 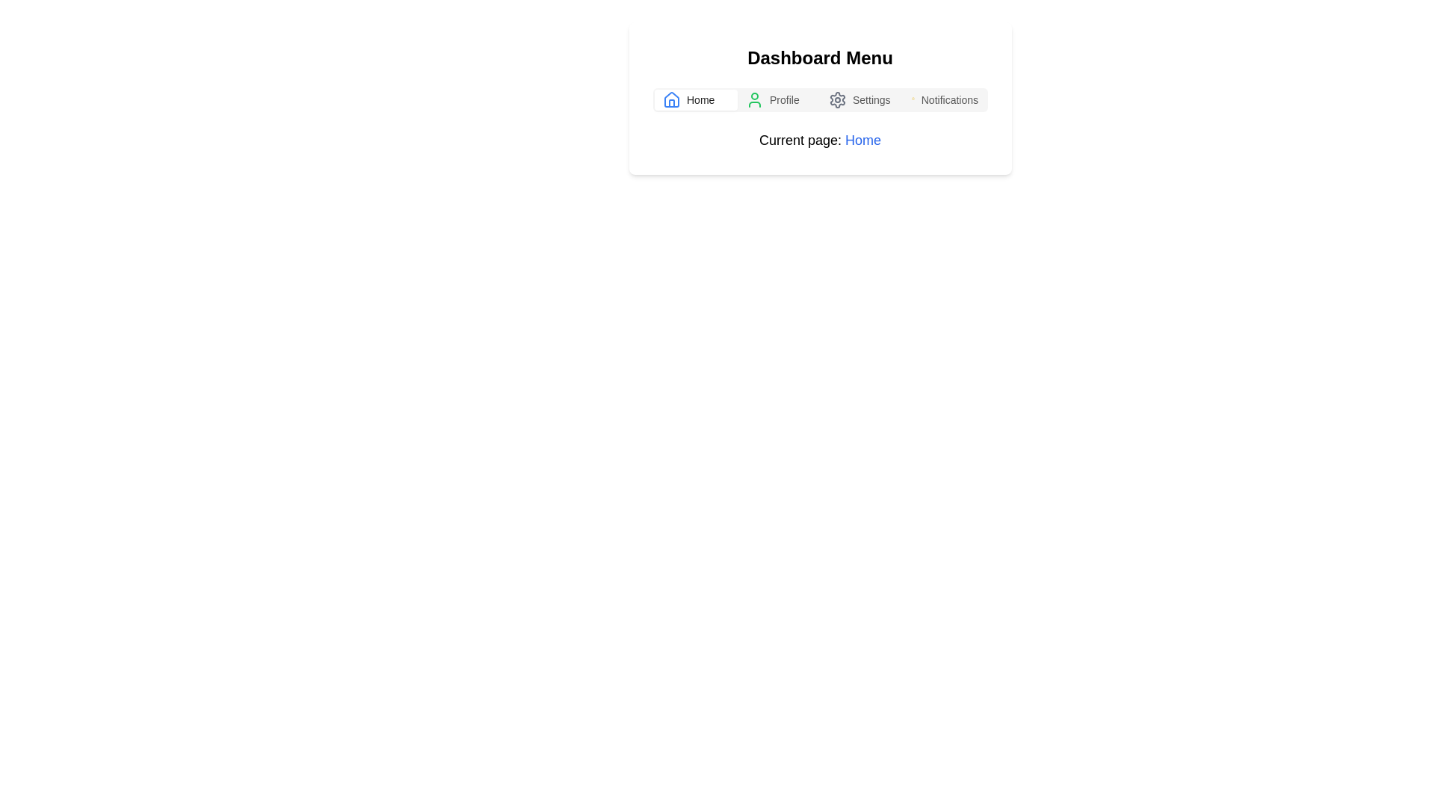 What do you see at coordinates (837, 100) in the screenshot?
I see `the settings gear icon in the top navigation bar` at bounding box center [837, 100].